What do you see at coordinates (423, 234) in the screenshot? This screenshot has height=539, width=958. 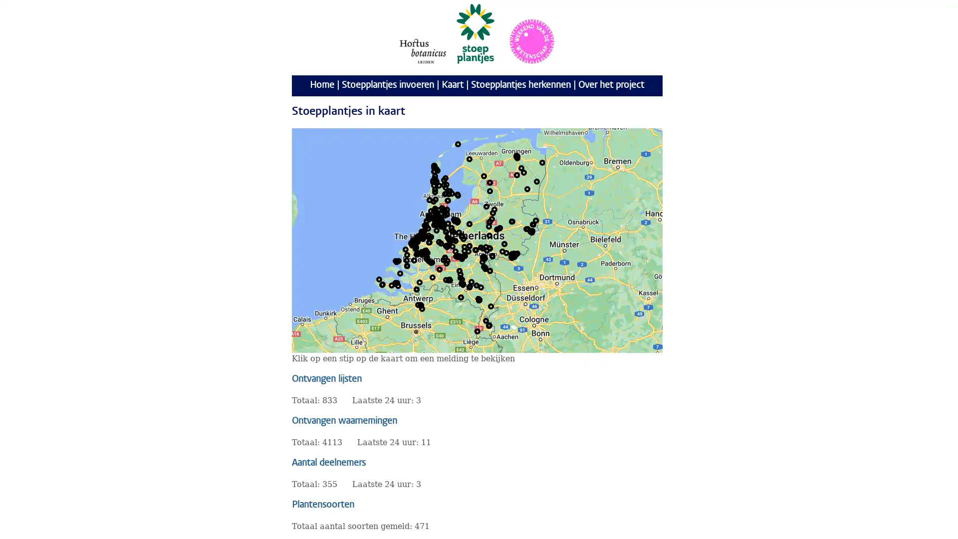 I see `Telling van Gerda van Uffelen op 17 februari 2022` at bounding box center [423, 234].